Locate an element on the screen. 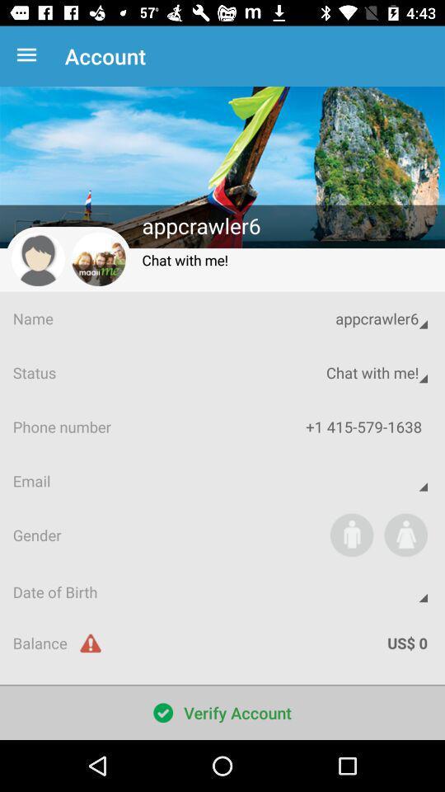 This screenshot has height=792, width=445. verify account icon is located at coordinates (222, 712).